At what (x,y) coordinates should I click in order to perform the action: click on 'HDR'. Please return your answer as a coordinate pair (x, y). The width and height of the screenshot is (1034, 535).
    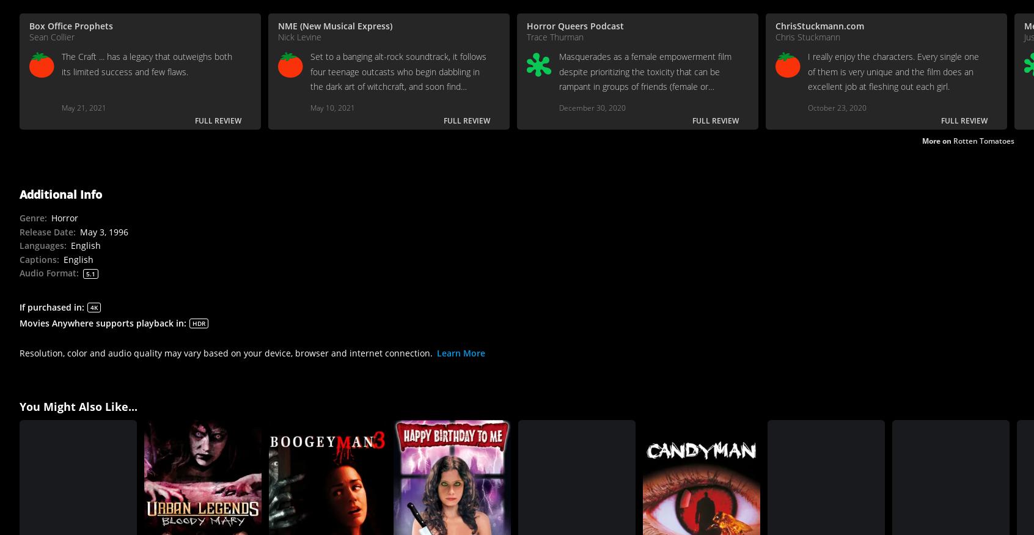
    Looking at the image, I should click on (198, 322).